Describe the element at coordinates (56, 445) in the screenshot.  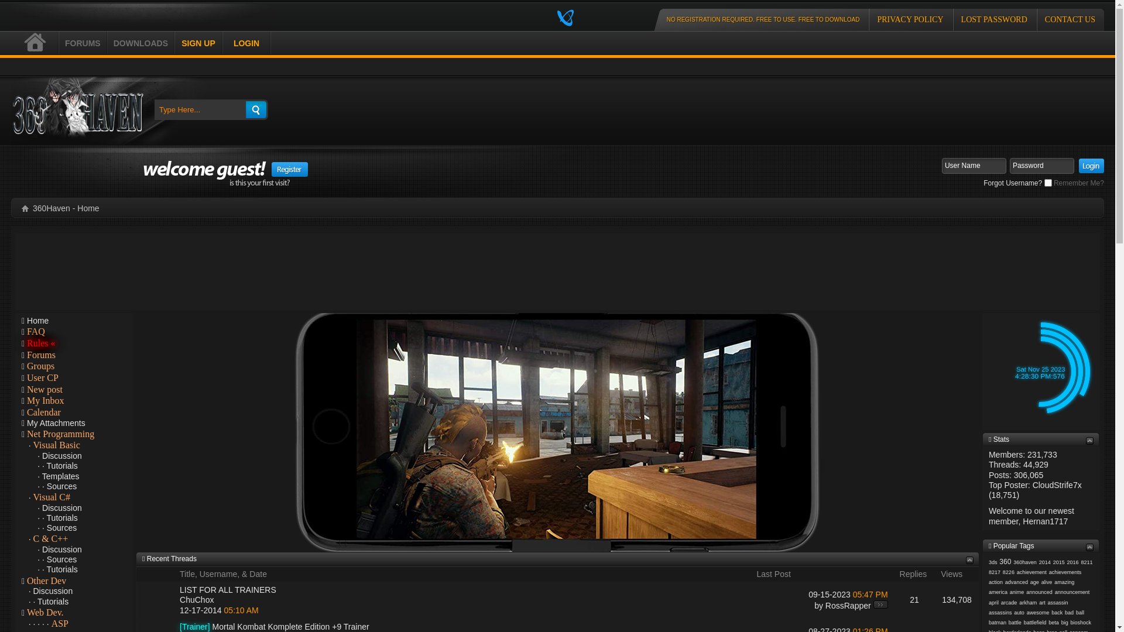
I see `'Visual Basic'` at that location.